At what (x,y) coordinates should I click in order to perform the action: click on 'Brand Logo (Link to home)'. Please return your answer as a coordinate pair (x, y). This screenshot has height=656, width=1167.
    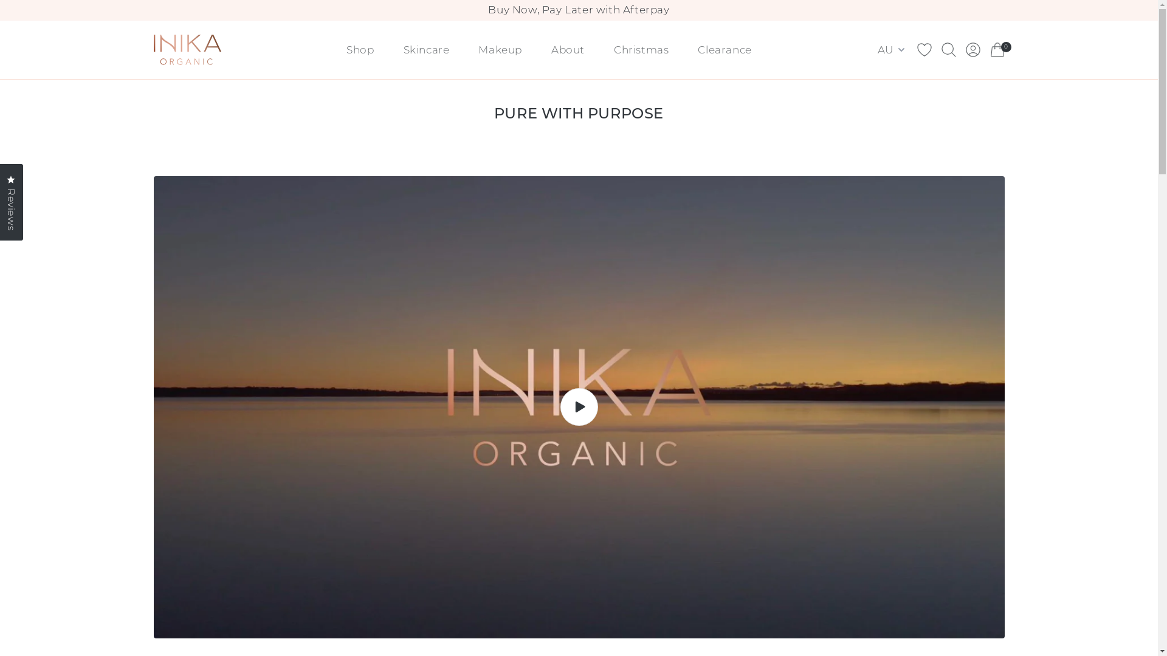
    Looking at the image, I should click on (153, 49).